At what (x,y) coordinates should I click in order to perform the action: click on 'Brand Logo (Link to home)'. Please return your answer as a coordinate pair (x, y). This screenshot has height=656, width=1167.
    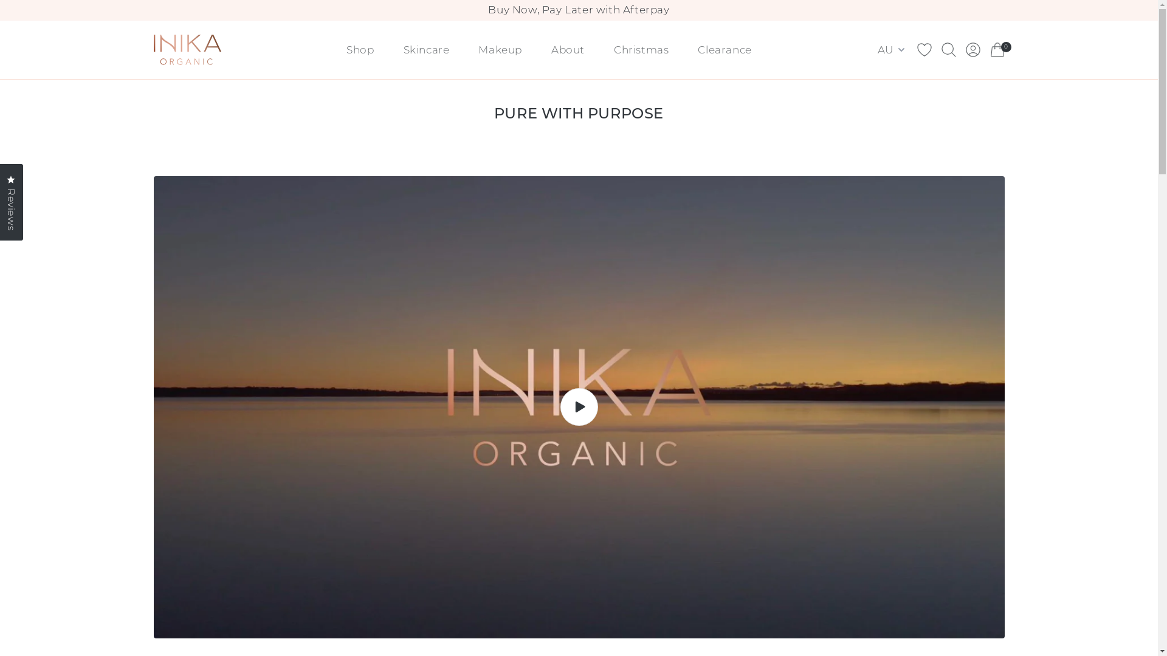
    Looking at the image, I should click on (153, 49).